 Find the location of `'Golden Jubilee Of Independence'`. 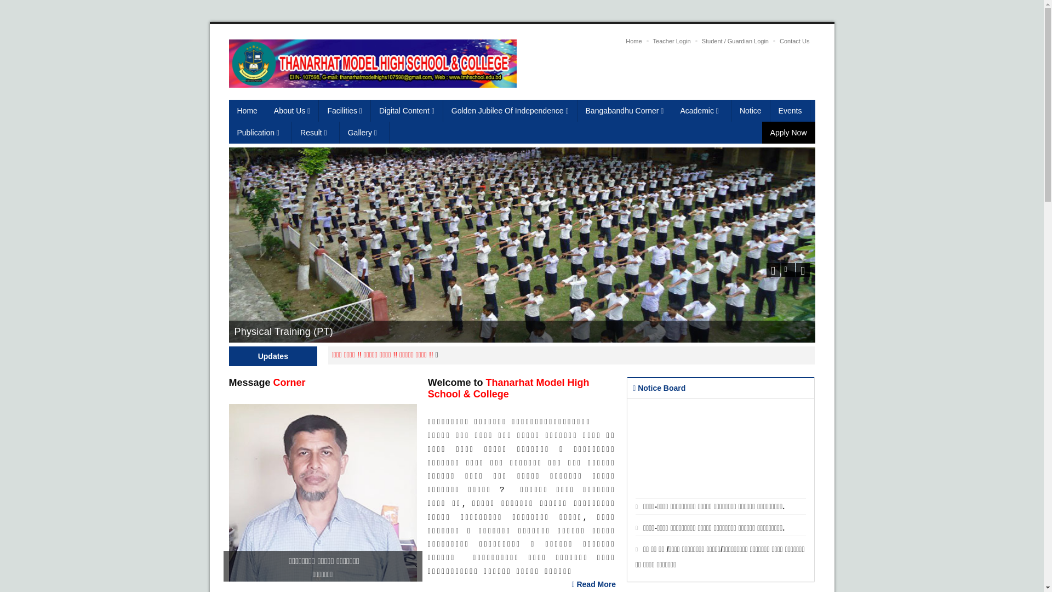

'Golden Jubilee Of Independence' is located at coordinates (510, 110).